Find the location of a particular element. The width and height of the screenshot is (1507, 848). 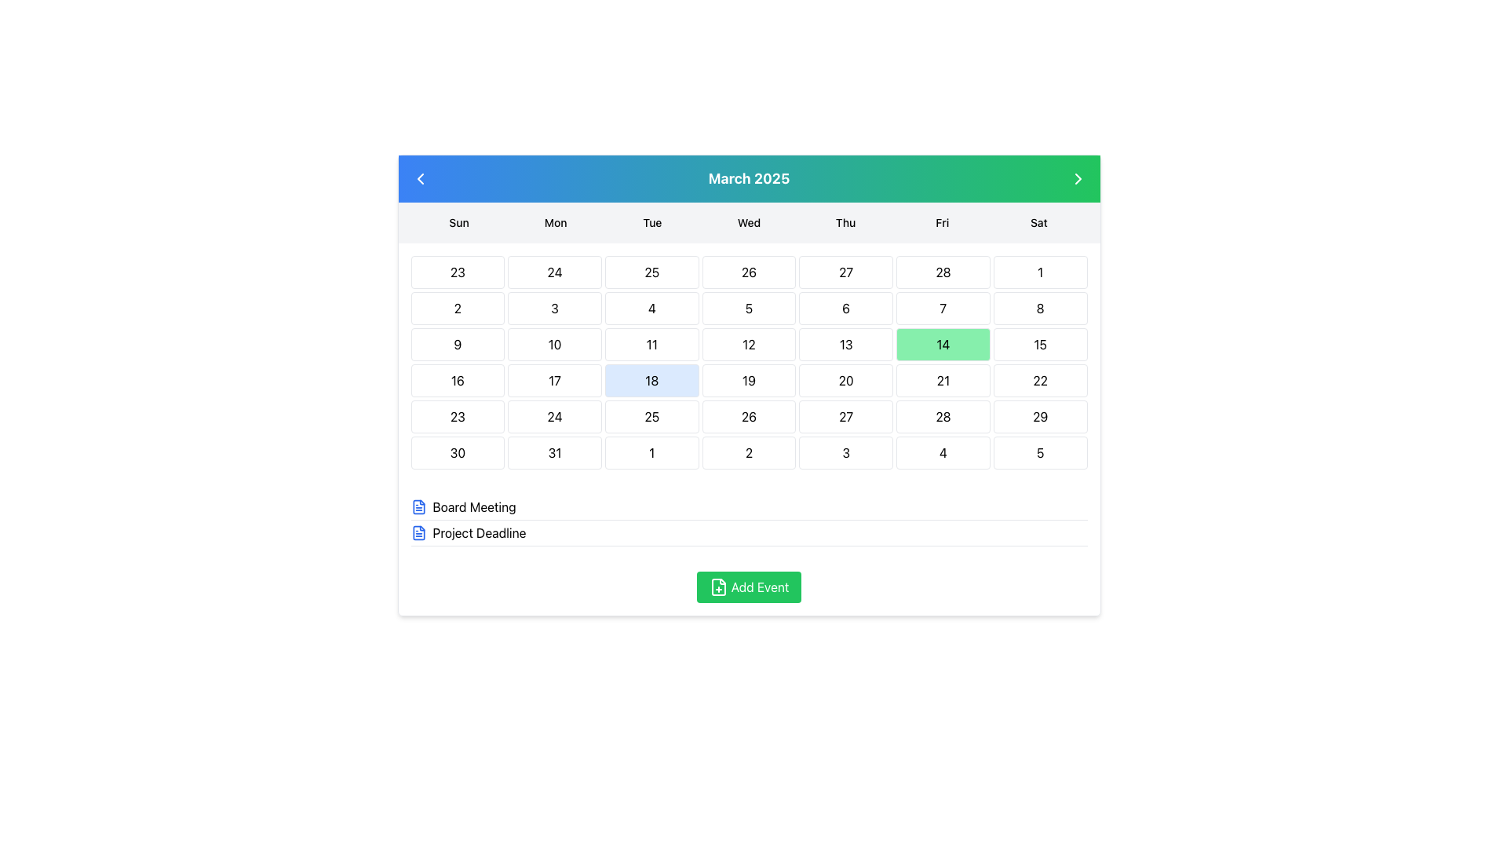

a specific day in the calendar month view is located at coordinates (748, 363).